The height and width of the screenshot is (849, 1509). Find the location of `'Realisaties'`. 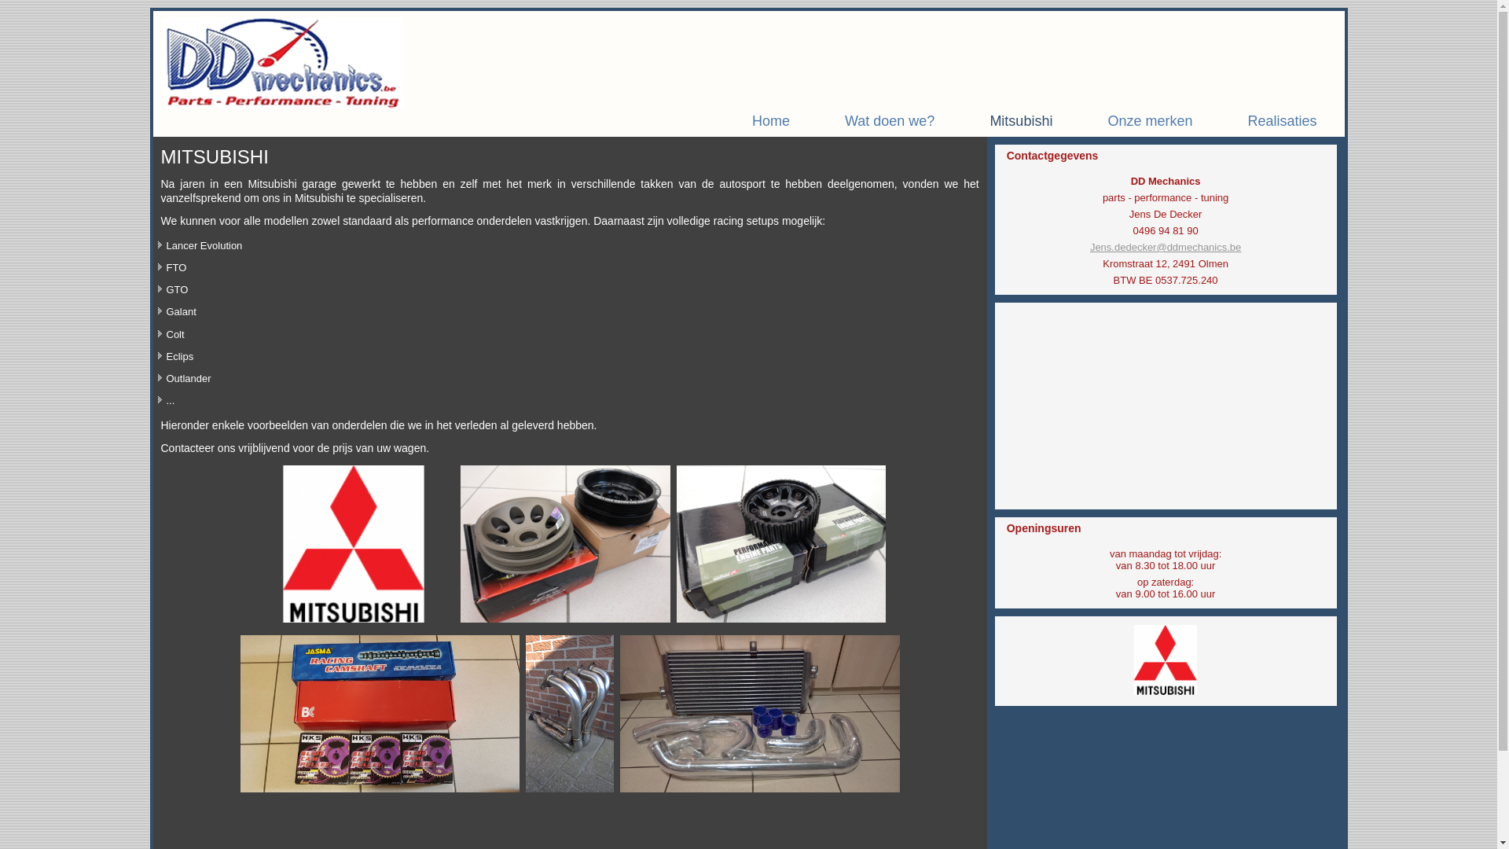

'Realisaties' is located at coordinates (1282, 120).